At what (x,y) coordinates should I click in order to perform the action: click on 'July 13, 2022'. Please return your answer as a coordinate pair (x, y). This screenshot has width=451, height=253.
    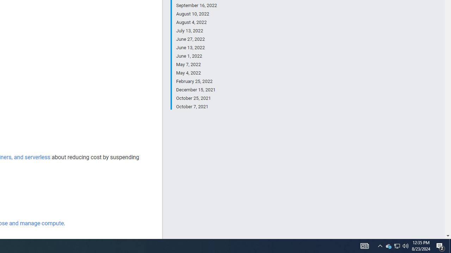
    Looking at the image, I should click on (196, 31).